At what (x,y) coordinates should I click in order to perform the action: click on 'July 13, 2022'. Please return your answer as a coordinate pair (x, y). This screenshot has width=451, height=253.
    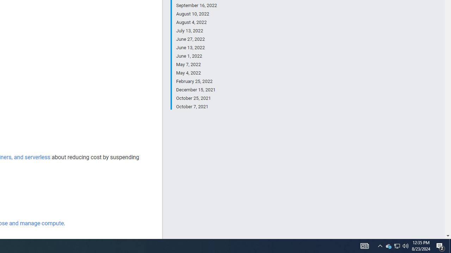
    Looking at the image, I should click on (196, 31).